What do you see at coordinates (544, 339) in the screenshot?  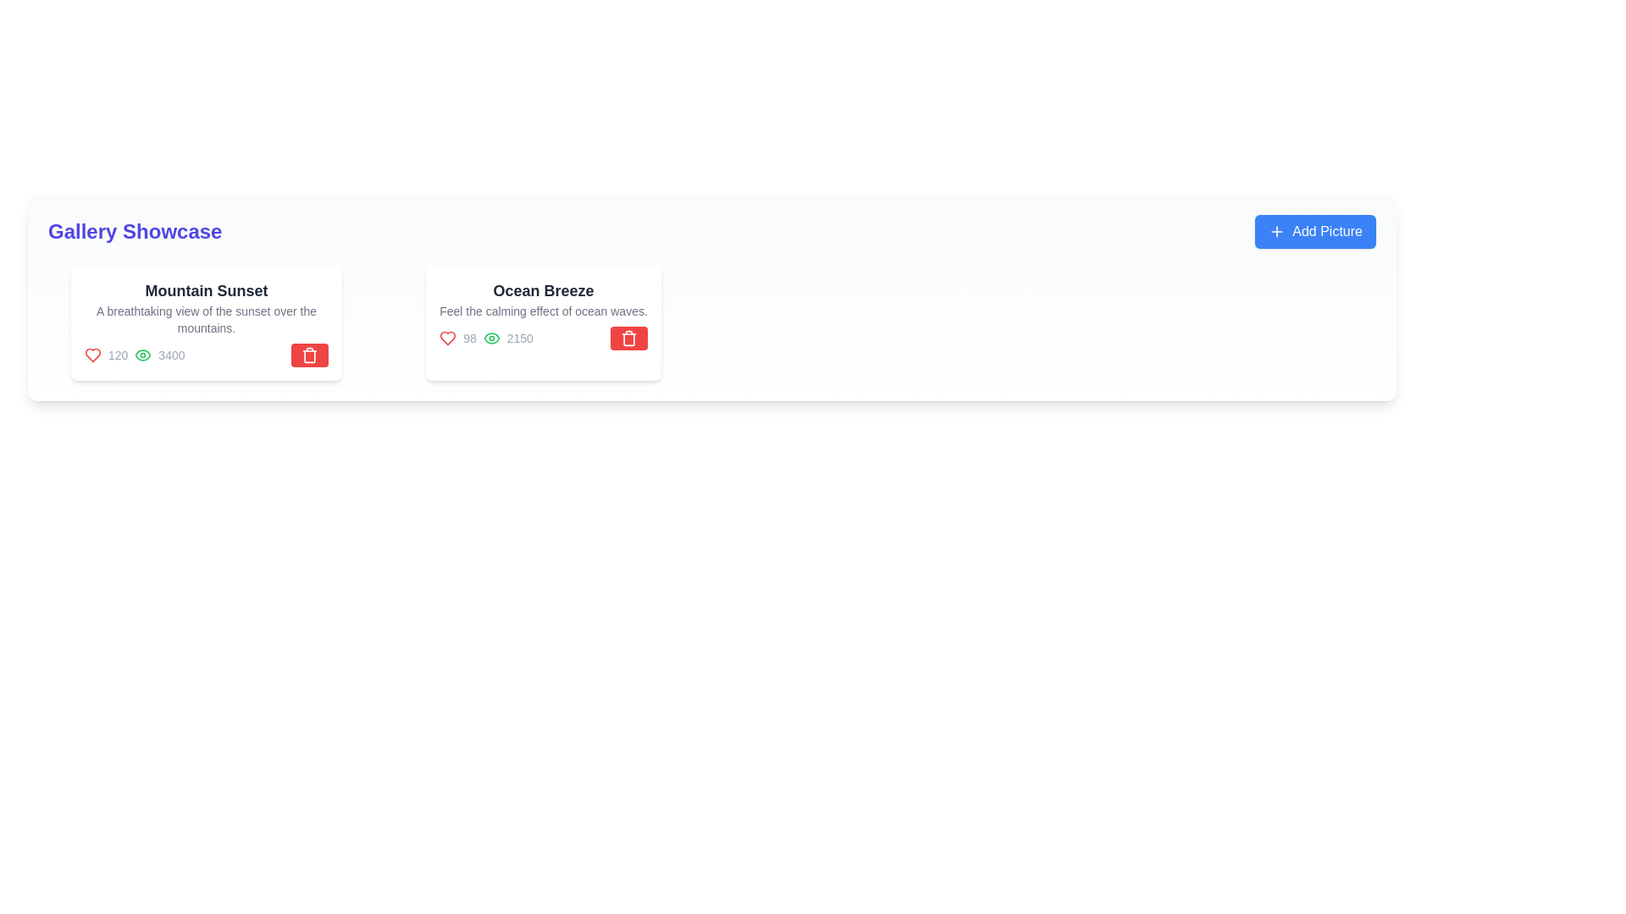 I see `the Statistical display with icons that shows likes and views for the 'Ocean Breeze' card, located at the bottom section next to the red delete button` at bounding box center [544, 339].